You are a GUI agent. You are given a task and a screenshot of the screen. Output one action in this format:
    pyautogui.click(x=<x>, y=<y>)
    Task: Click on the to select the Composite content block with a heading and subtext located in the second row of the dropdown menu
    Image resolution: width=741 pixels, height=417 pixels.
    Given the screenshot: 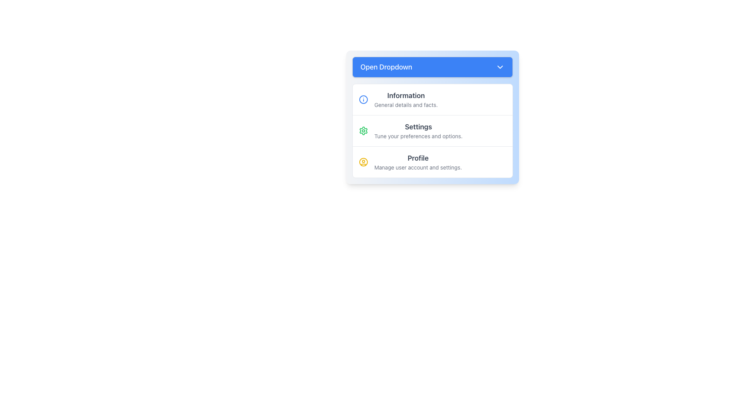 What is the action you would take?
    pyautogui.click(x=418, y=131)
    